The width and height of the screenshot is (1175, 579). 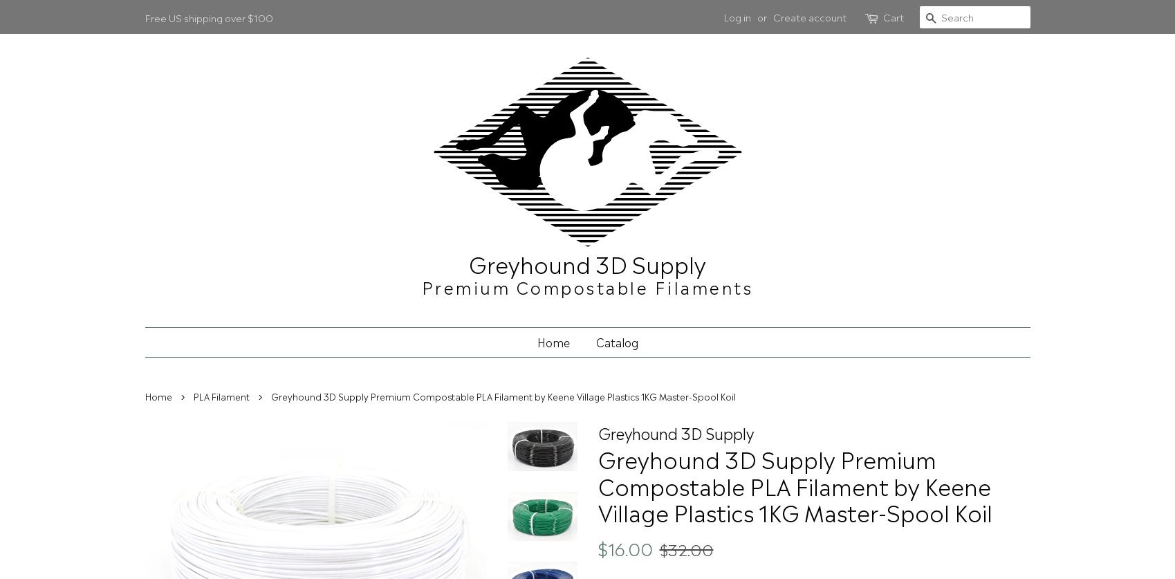 I want to click on 'PLA Filament', so click(x=220, y=395).